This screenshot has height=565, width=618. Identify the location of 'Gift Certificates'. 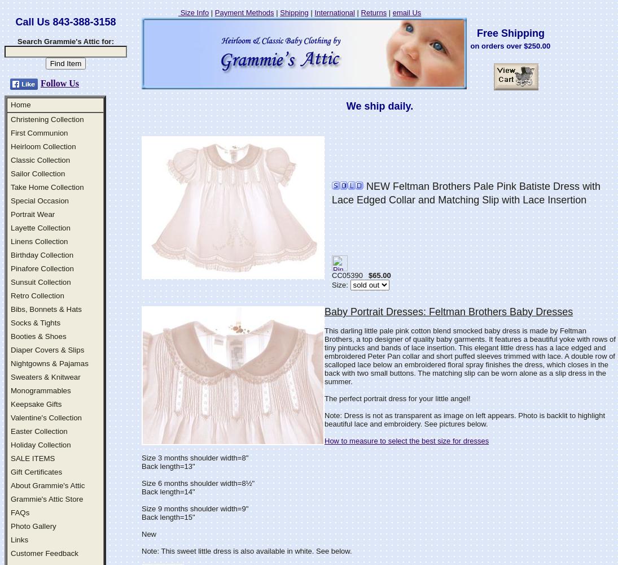
(36, 471).